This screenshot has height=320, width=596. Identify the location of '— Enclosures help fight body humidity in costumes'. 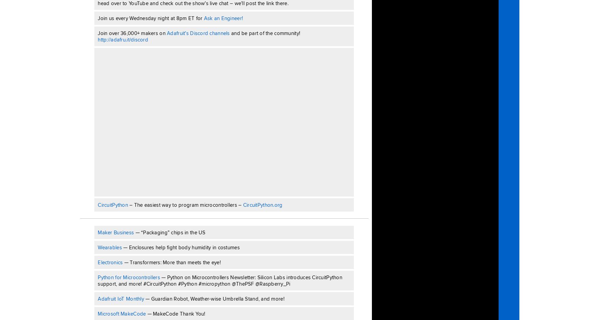
(180, 247).